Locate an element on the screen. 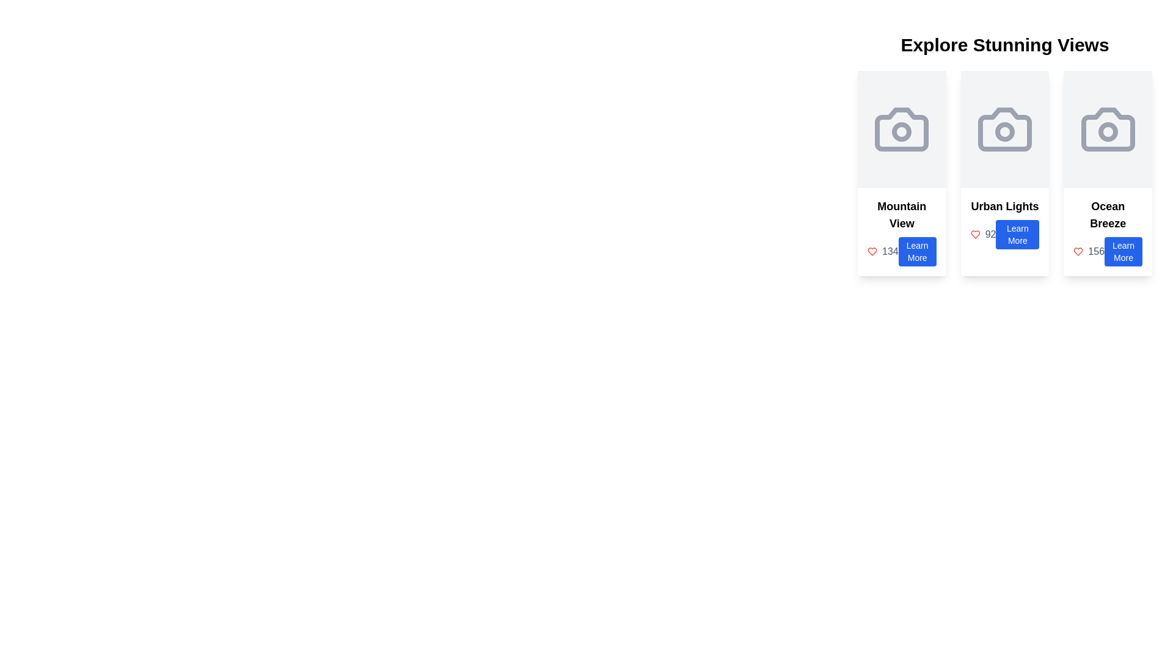 This screenshot has height=660, width=1173. the button located under the text '134' within the leftmost card of the three visible cards is located at coordinates (917, 251).